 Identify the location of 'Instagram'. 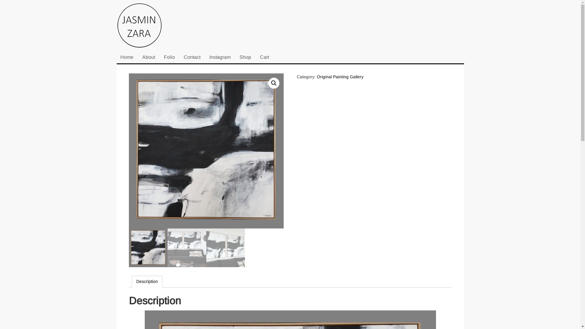
(219, 57).